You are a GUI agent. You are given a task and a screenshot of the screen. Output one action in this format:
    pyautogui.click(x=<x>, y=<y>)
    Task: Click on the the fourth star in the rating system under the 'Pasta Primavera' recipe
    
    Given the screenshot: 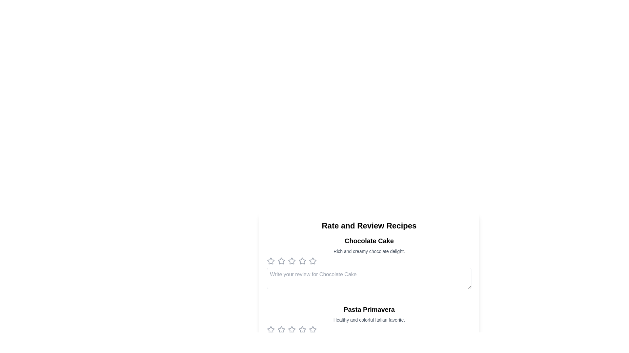 What is the action you would take?
    pyautogui.click(x=301, y=329)
    